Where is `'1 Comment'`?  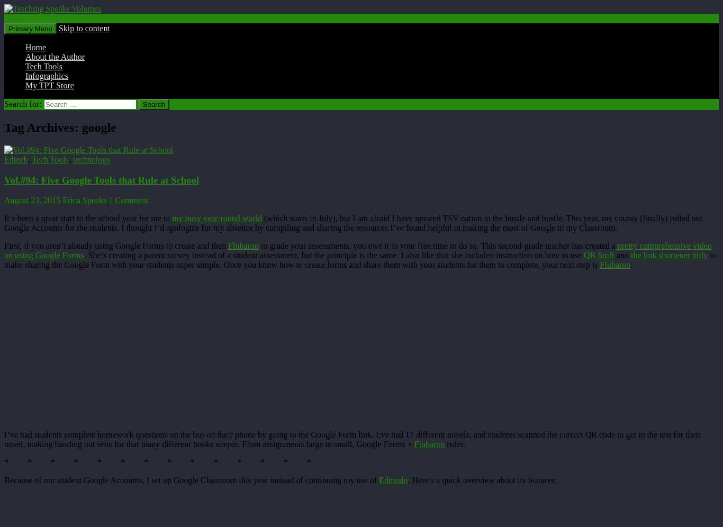 '1 Comment' is located at coordinates (108, 199).